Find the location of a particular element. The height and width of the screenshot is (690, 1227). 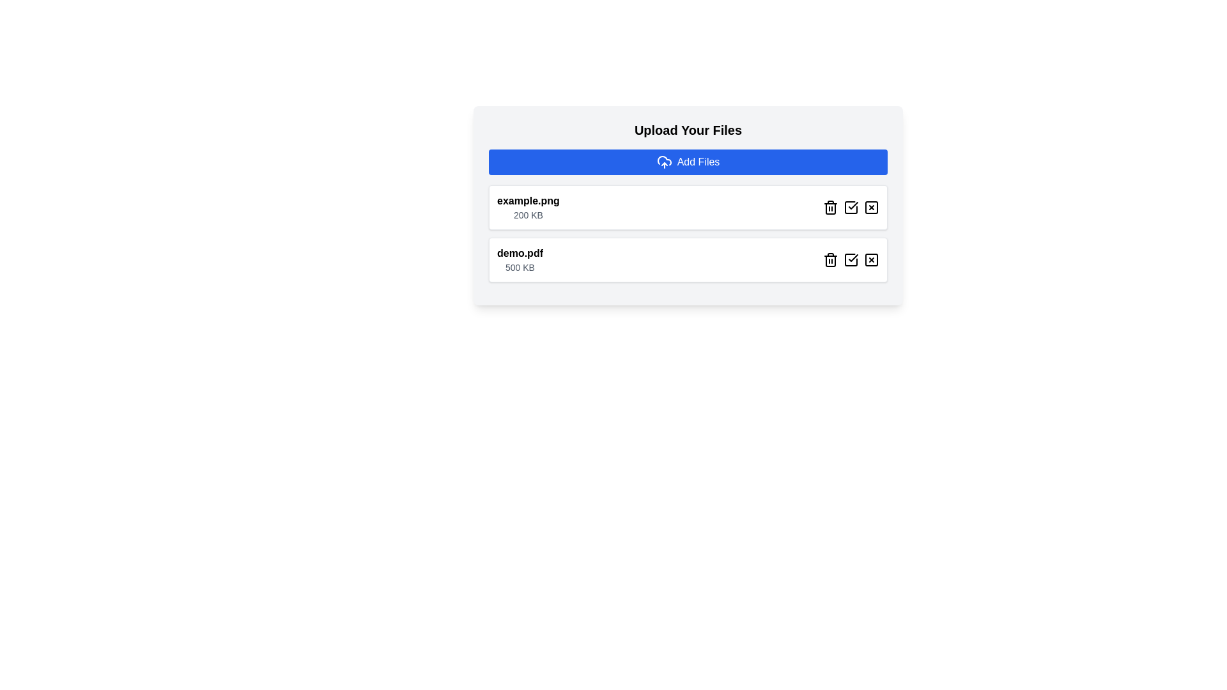

the text label displaying the file name 'example.png' is located at coordinates (528, 201).